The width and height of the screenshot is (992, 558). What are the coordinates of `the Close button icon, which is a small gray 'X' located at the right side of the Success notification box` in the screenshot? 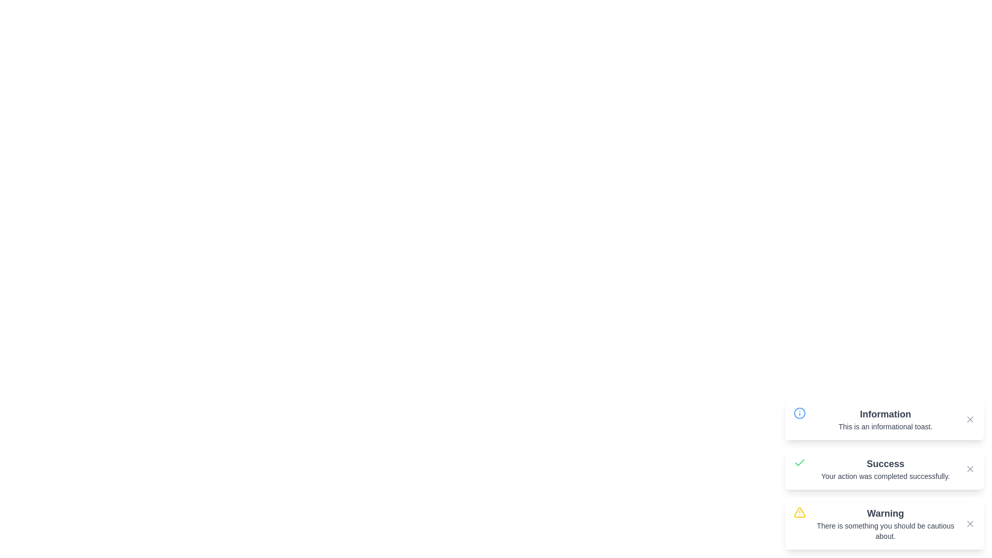 It's located at (969, 469).